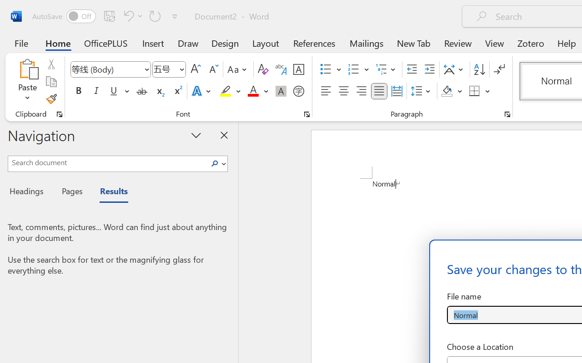 The width and height of the screenshot is (582, 363). Describe the element at coordinates (343, 91) in the screenshot. I see `'Center'` at that location.